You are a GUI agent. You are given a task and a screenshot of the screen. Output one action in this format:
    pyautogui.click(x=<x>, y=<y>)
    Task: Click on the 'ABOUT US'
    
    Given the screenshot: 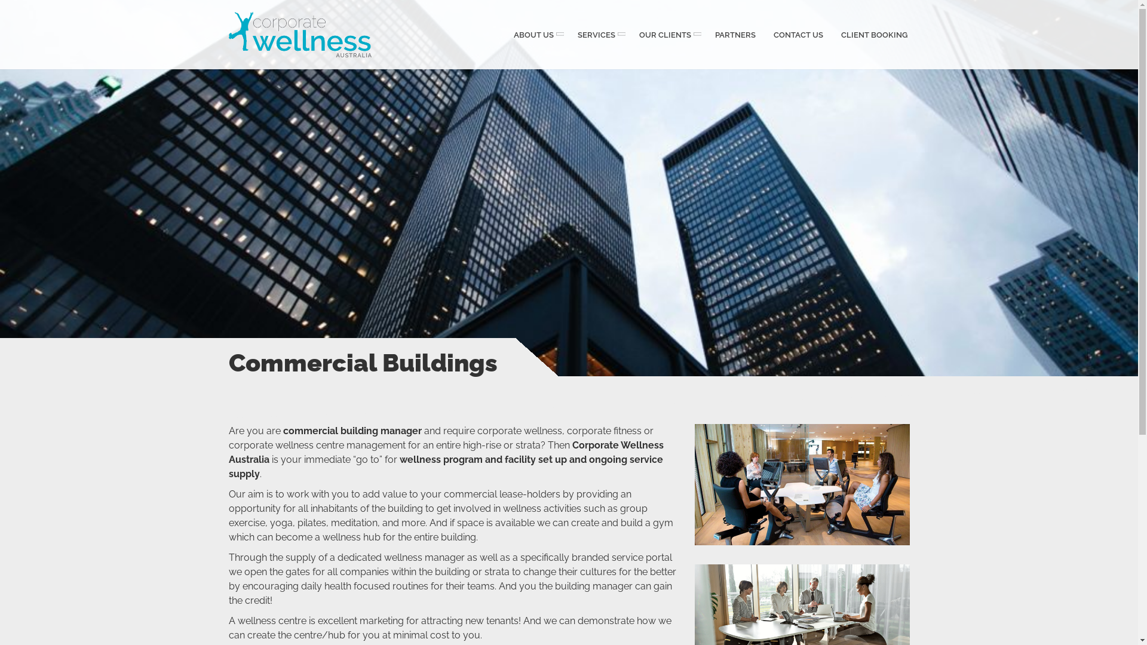 What is the action you would take?
    pyautogui.click(x=535, y=33)
    